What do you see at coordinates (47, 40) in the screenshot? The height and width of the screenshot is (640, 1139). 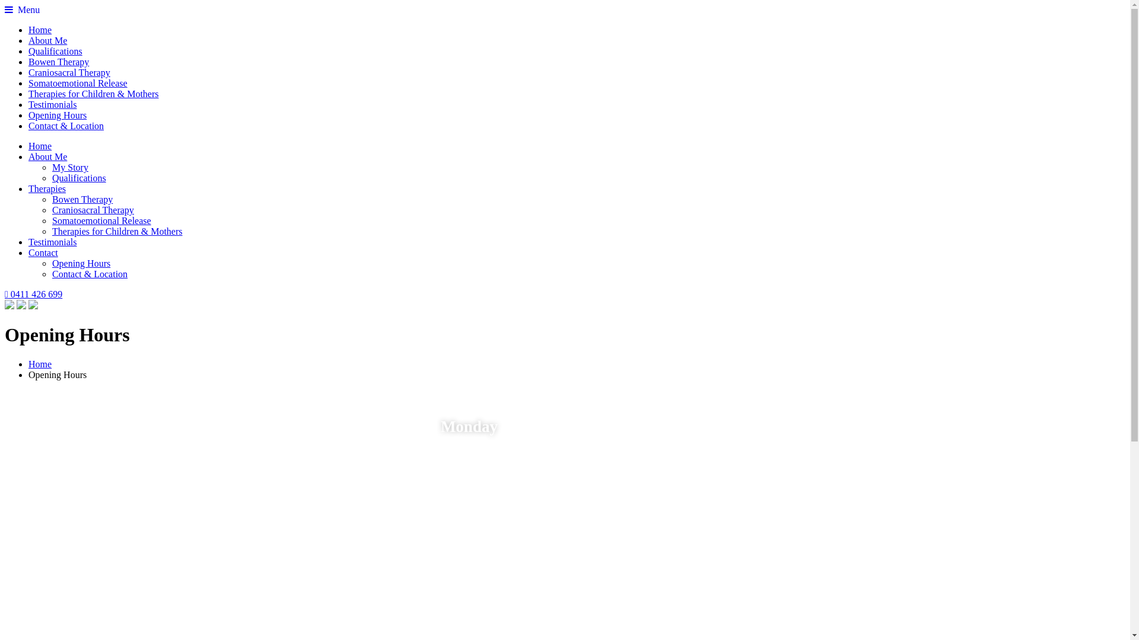 I see `'About Me'` at bounding box center [47, 40].